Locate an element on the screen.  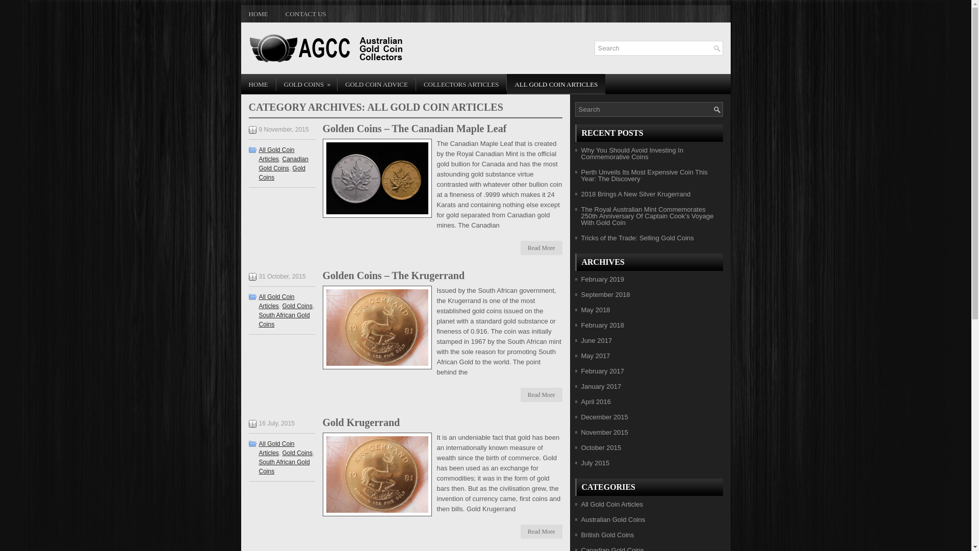
'South African Gold Coins' is located at coordinates (284, 466).